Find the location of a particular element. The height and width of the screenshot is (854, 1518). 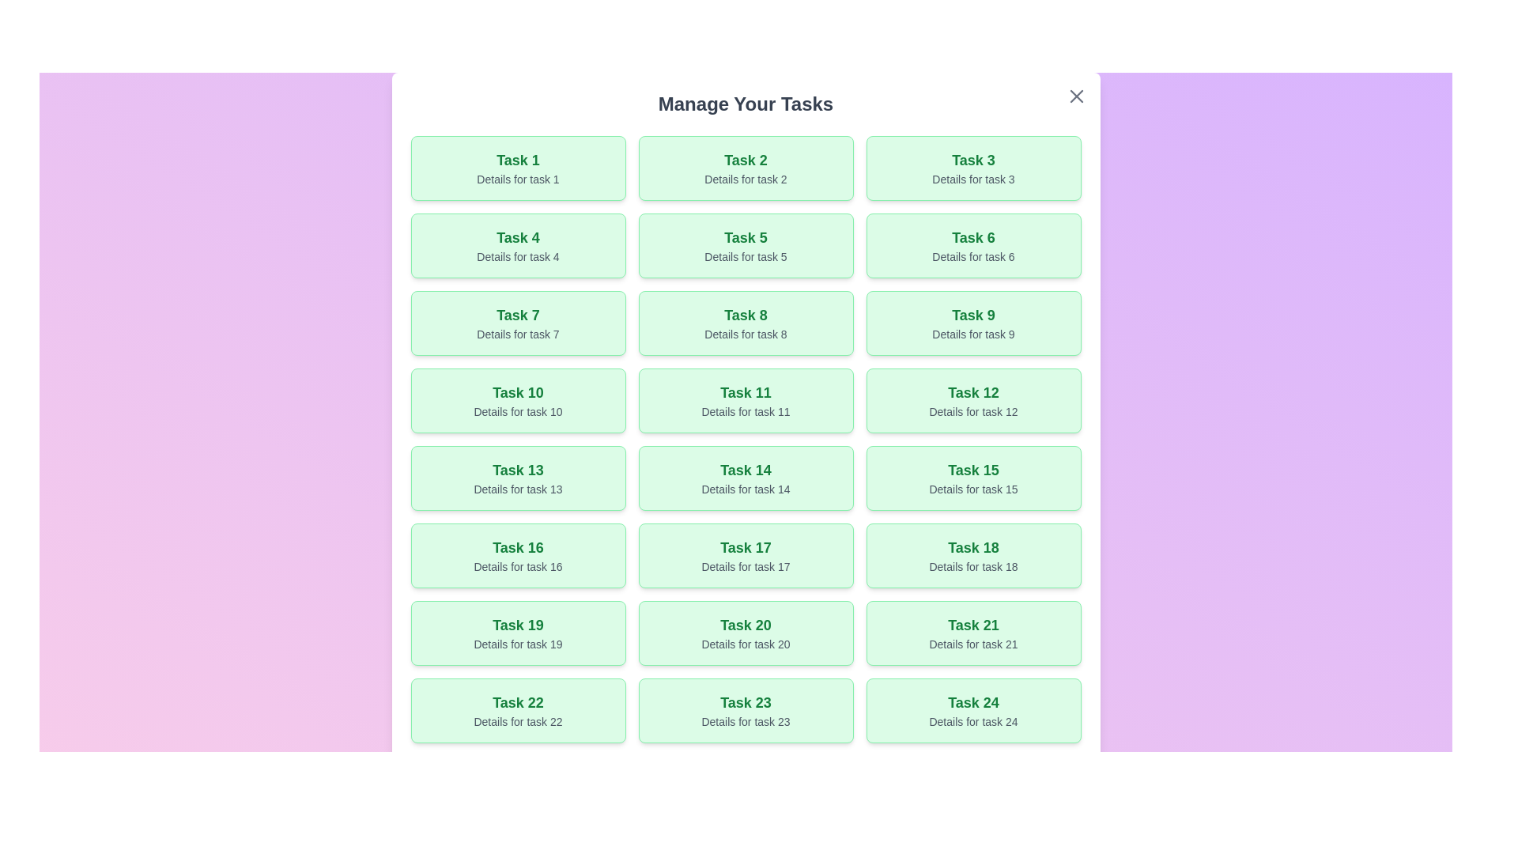

the background gradient to inspect its visual layout is located at coordinates (745, 520).